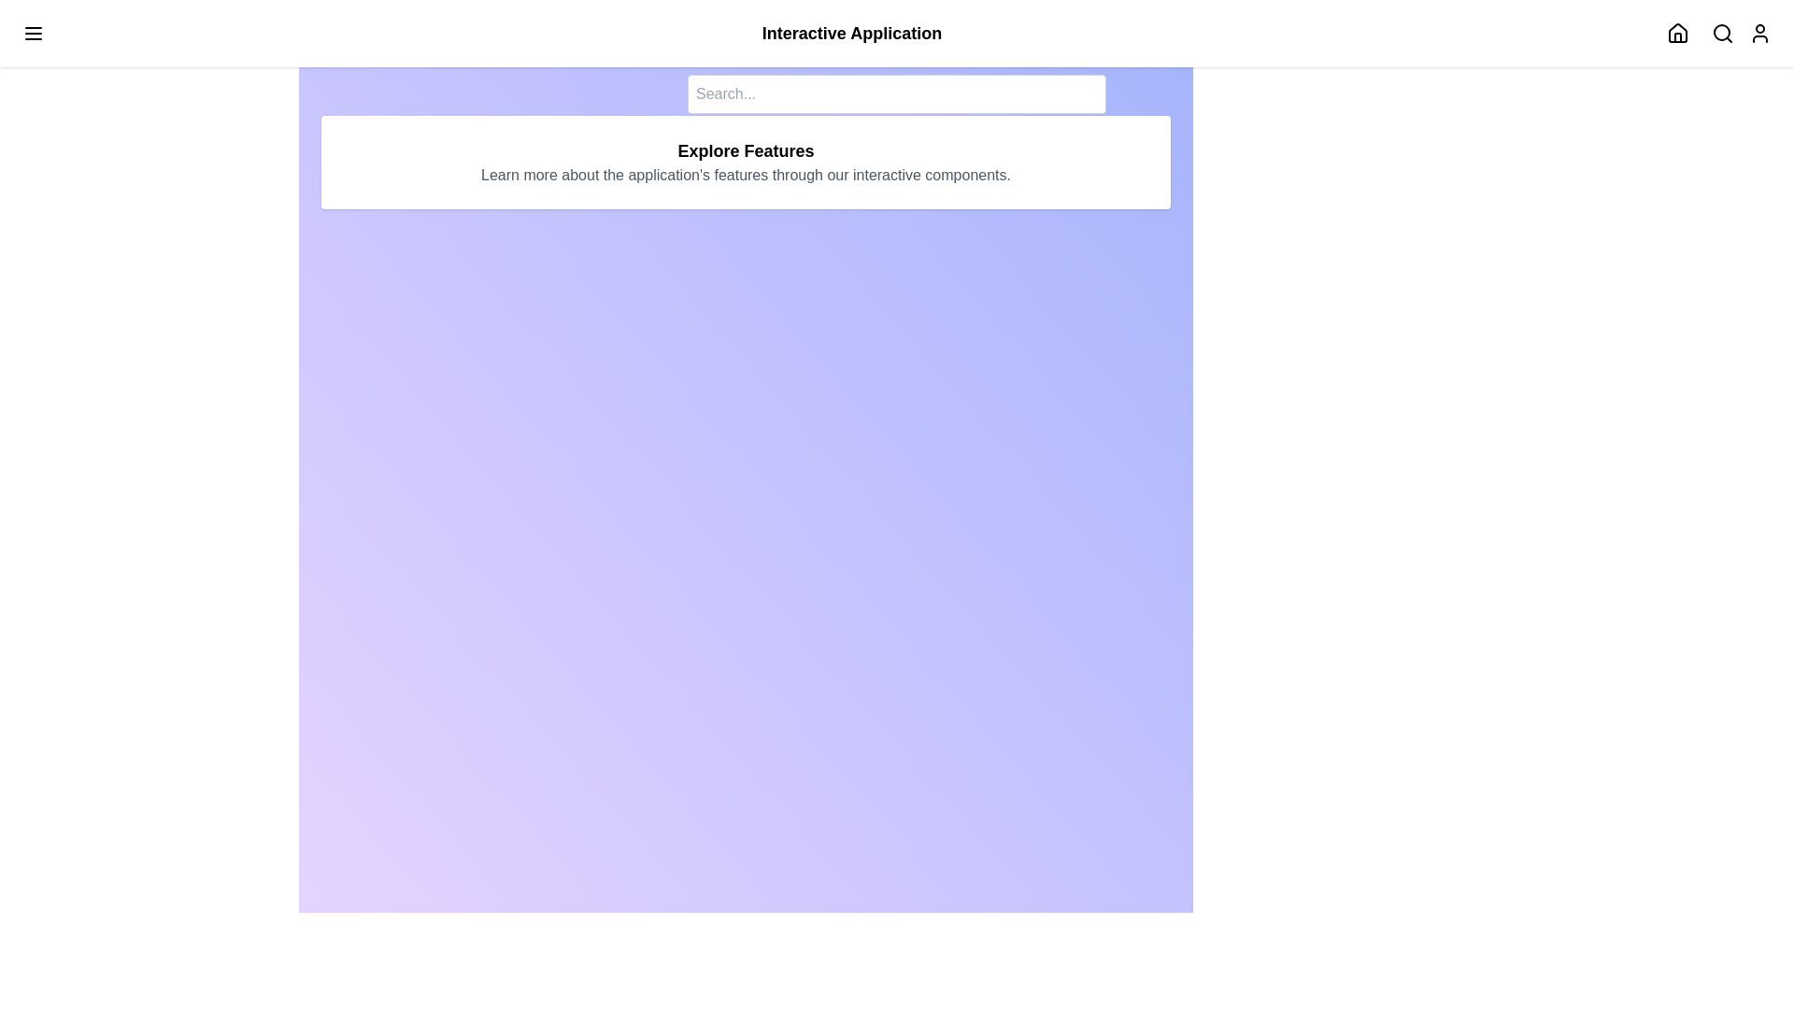 The height and width of the screenshot is (1009, 1794). Describe the element at coordinates (1721, 33) in the screenshot. I see `search icon button to toggle the search bar visibility` at that location.